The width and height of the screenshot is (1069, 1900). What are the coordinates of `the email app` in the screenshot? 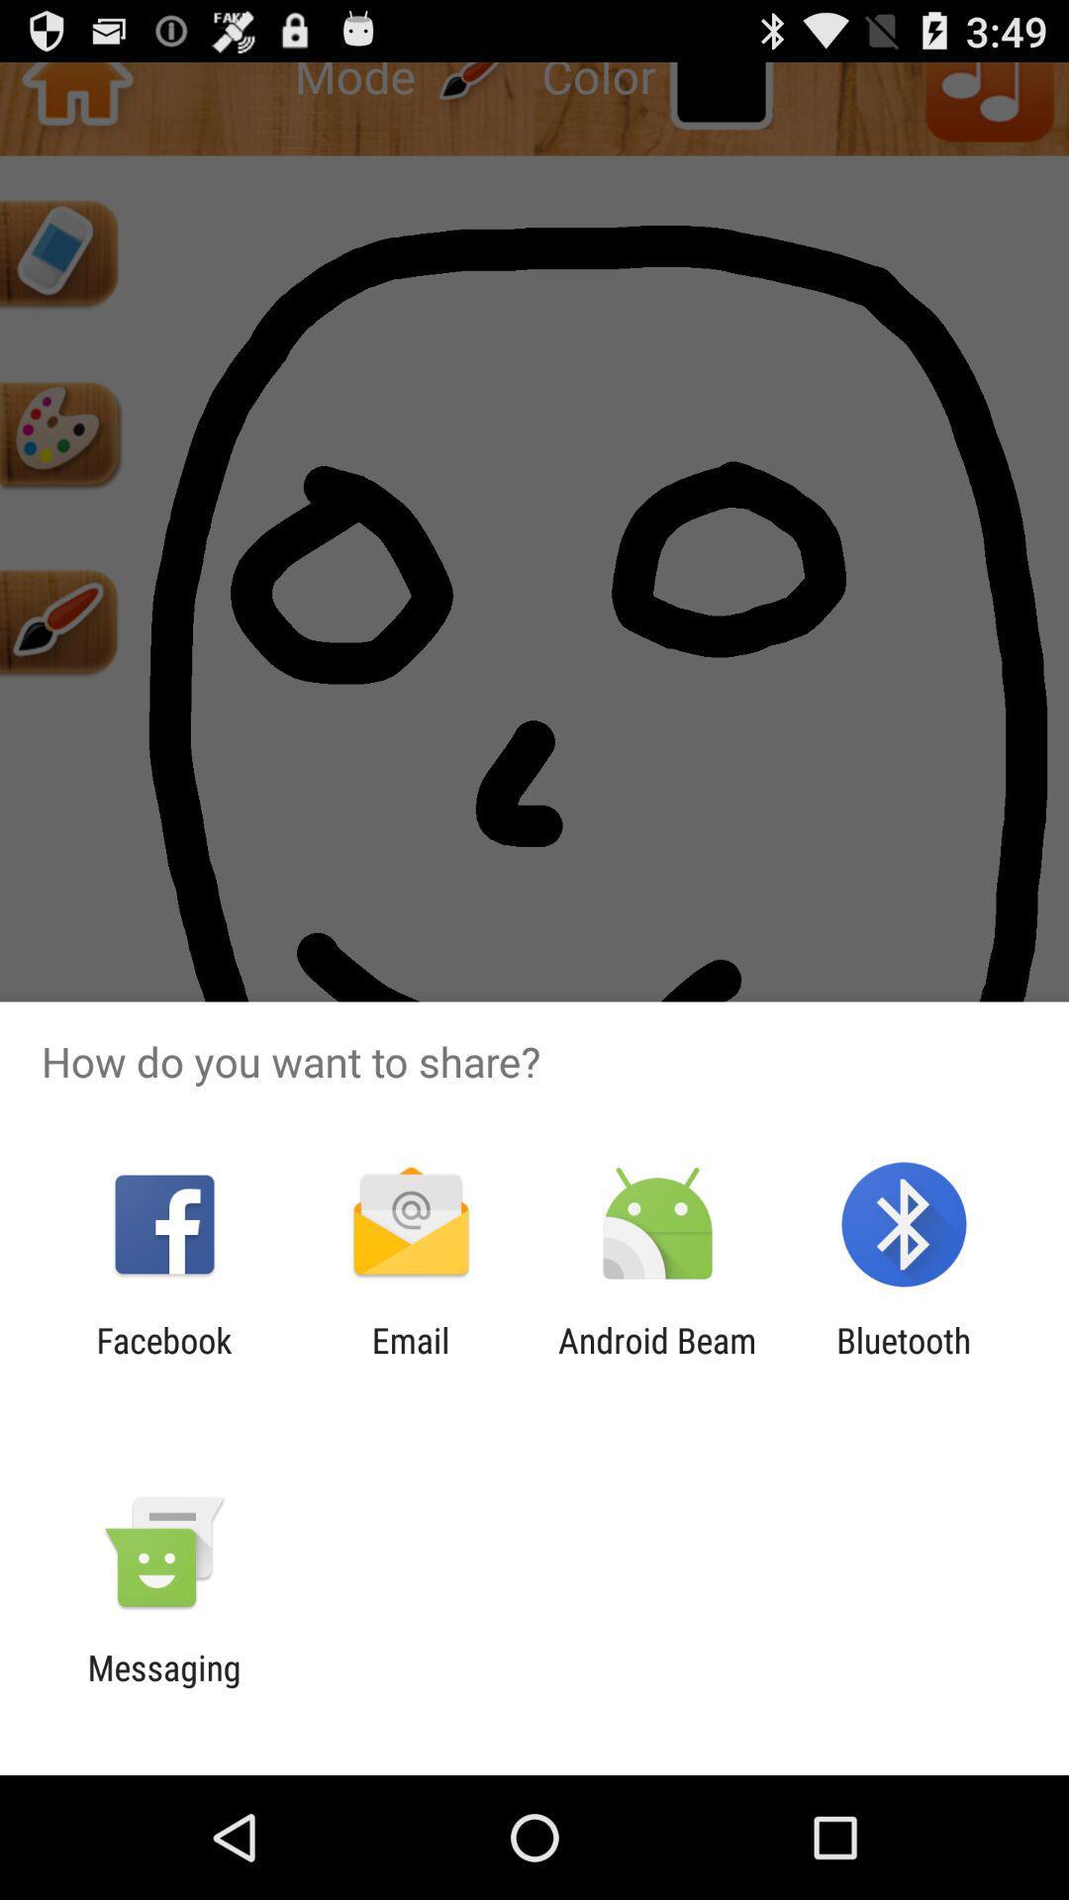 It's located at (410, 1360).